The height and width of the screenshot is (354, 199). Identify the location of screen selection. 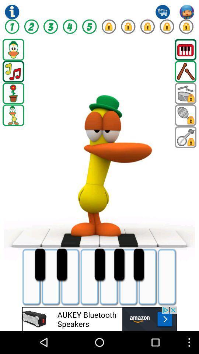
(13, 49).